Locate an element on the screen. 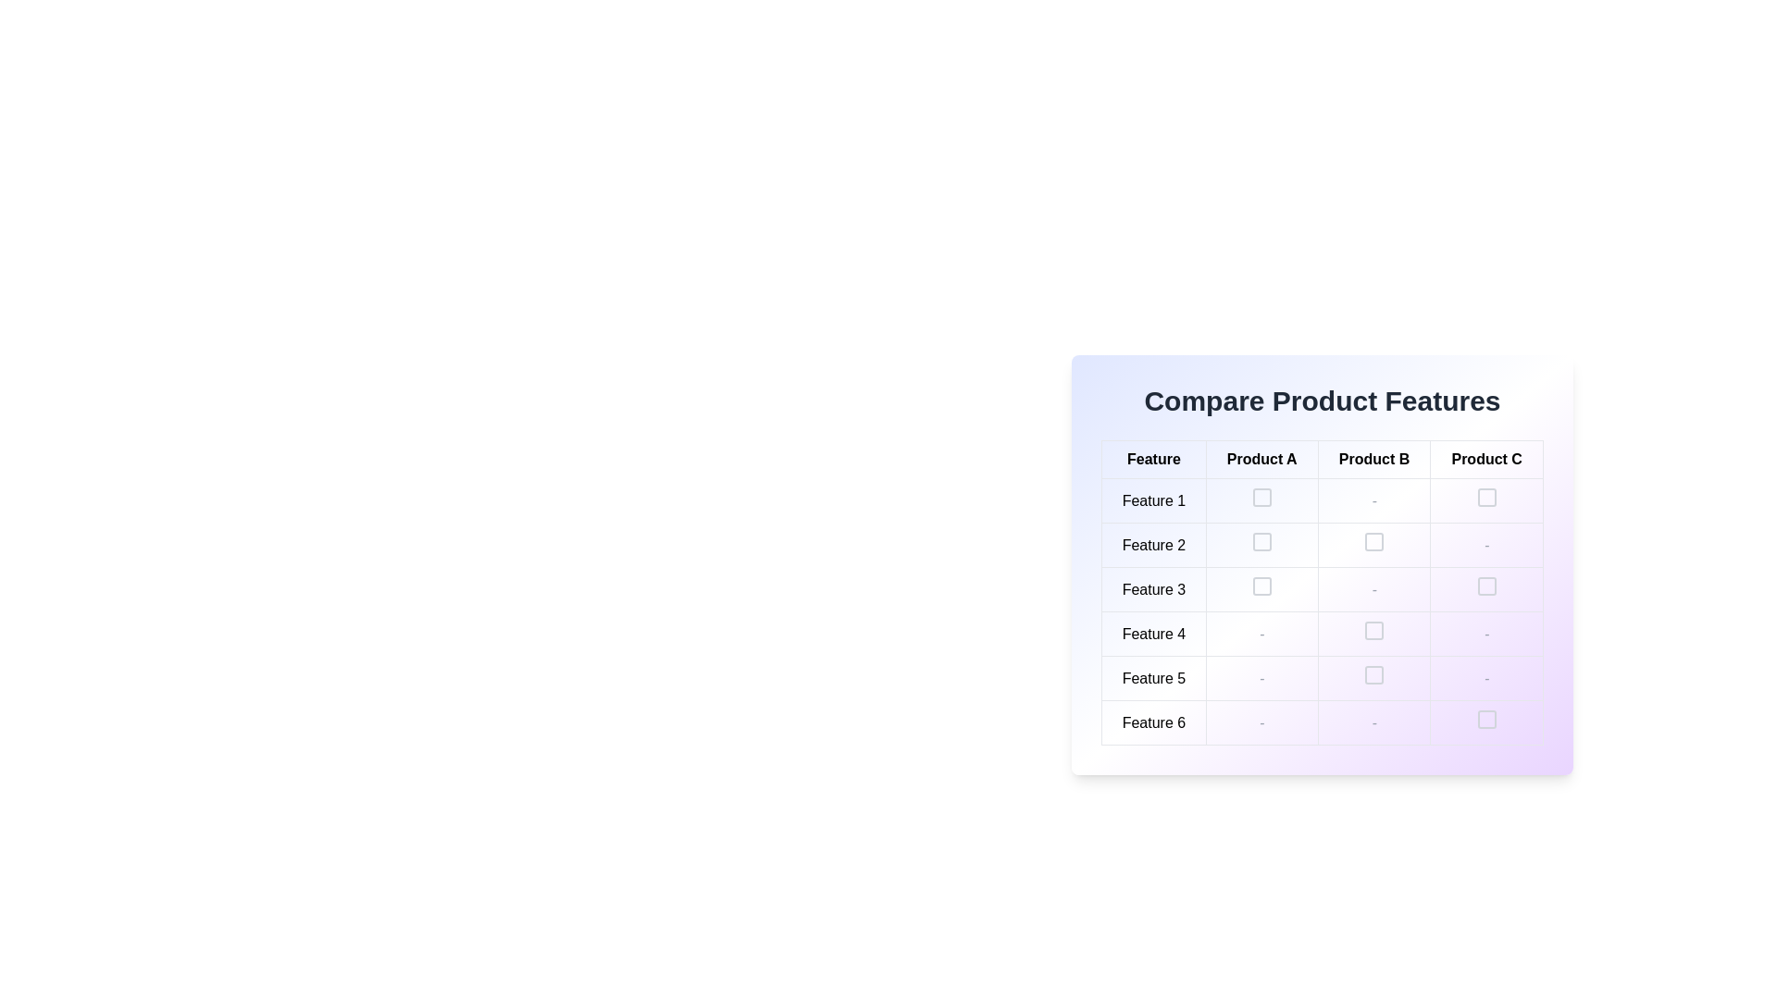 This screenshot has height=999, width=1777. the checkbox in the last cell of the last row labeled 'Product C' and row 'Feature 6' to get more information is located at coordinates (1486, 721).